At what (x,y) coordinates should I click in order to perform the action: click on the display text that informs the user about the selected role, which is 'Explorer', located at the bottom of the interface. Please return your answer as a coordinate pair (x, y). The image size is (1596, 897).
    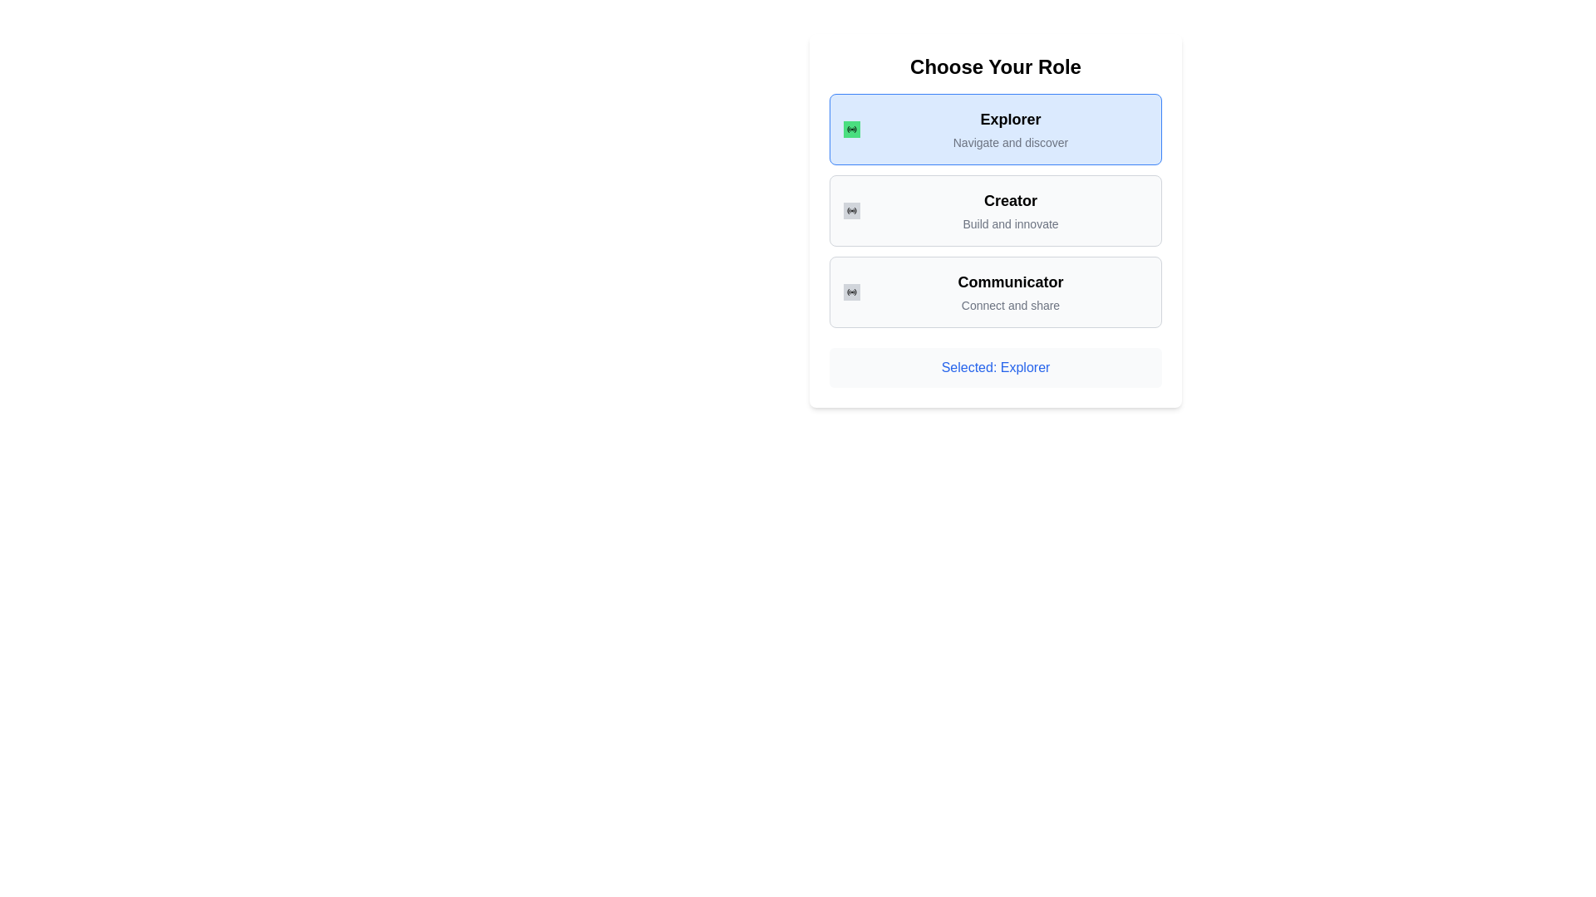
    Looking at the image, I should click on (996, 367).